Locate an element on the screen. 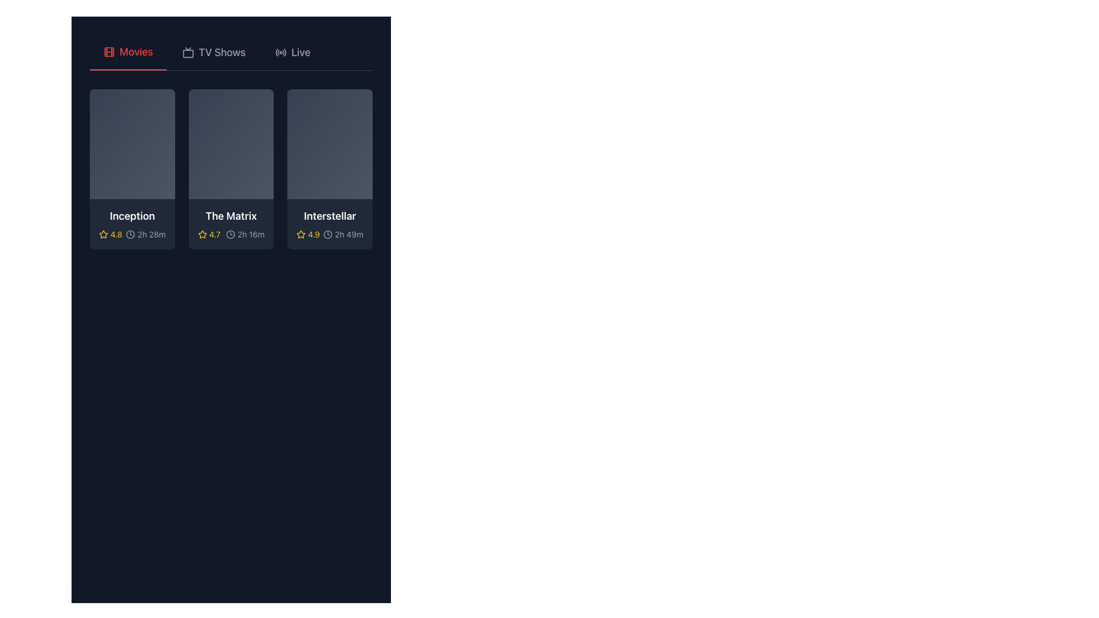  SVG Circle element that serves as the visual base for the clock icon indicating the duration of the movie 'Inception', located to the left of the text '2h 28m' is located at coordinates (131, 233).